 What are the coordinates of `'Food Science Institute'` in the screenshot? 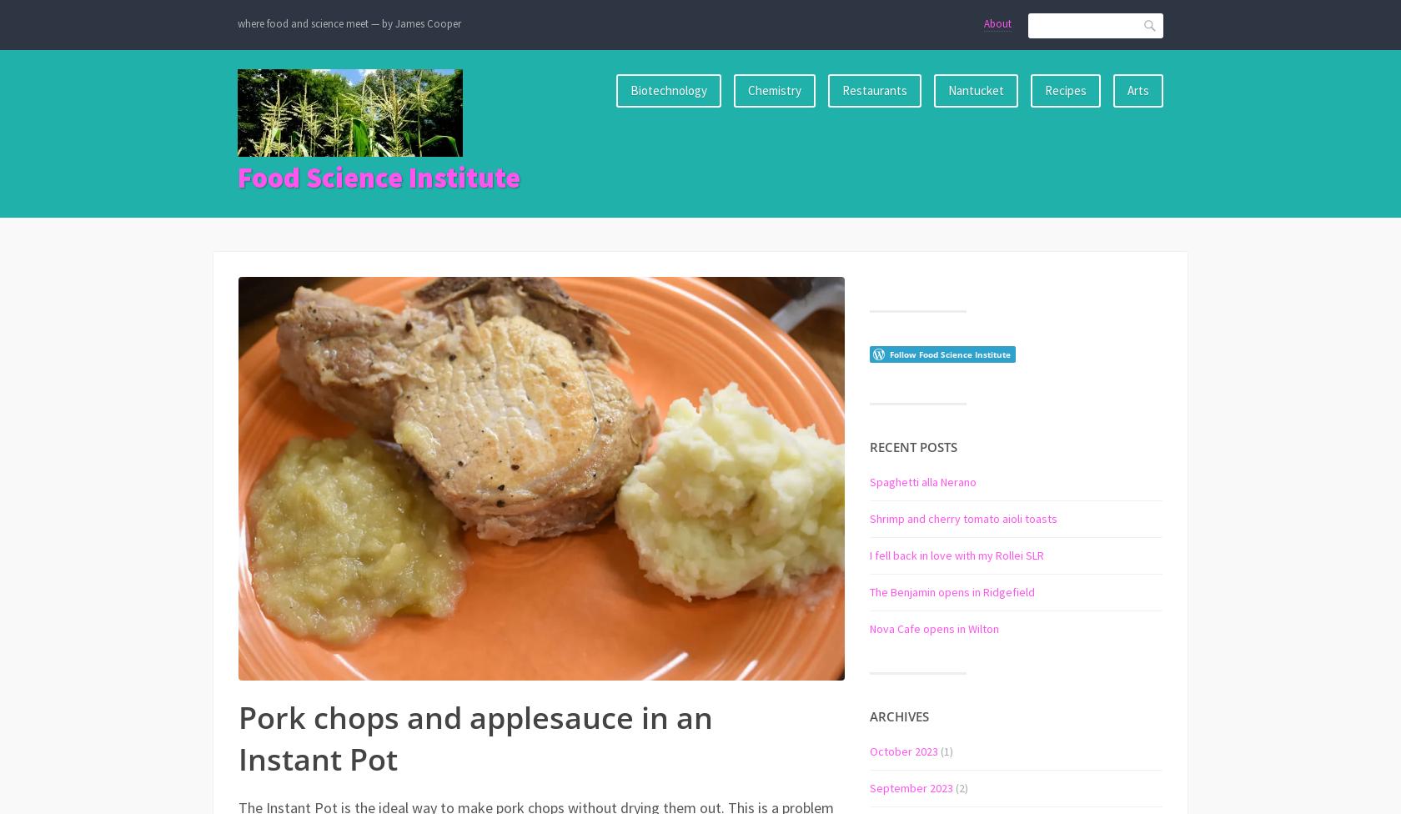 It's located at (379, 176).